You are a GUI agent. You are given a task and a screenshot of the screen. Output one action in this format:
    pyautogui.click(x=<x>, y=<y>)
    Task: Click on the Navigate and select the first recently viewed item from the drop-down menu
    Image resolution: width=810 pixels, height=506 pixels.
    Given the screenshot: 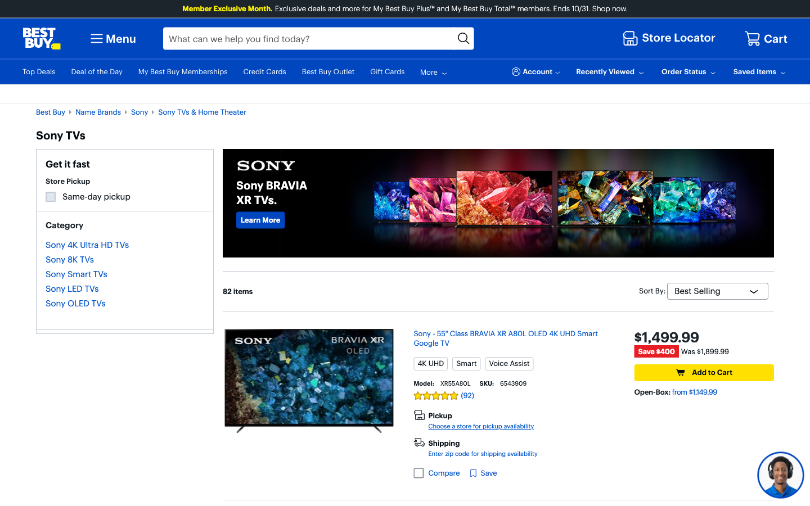 What is the action you would take?
    pyautogui.click(x=610, y=71)
    